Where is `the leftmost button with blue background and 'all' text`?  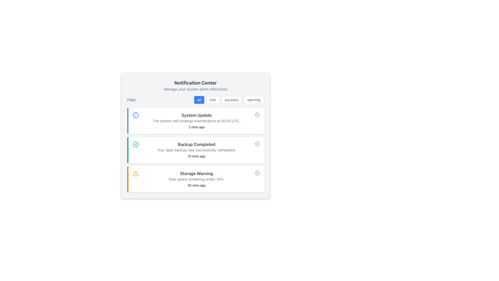
the leftmost button with blue background and 'all' text is located at coordinates (199, 100).